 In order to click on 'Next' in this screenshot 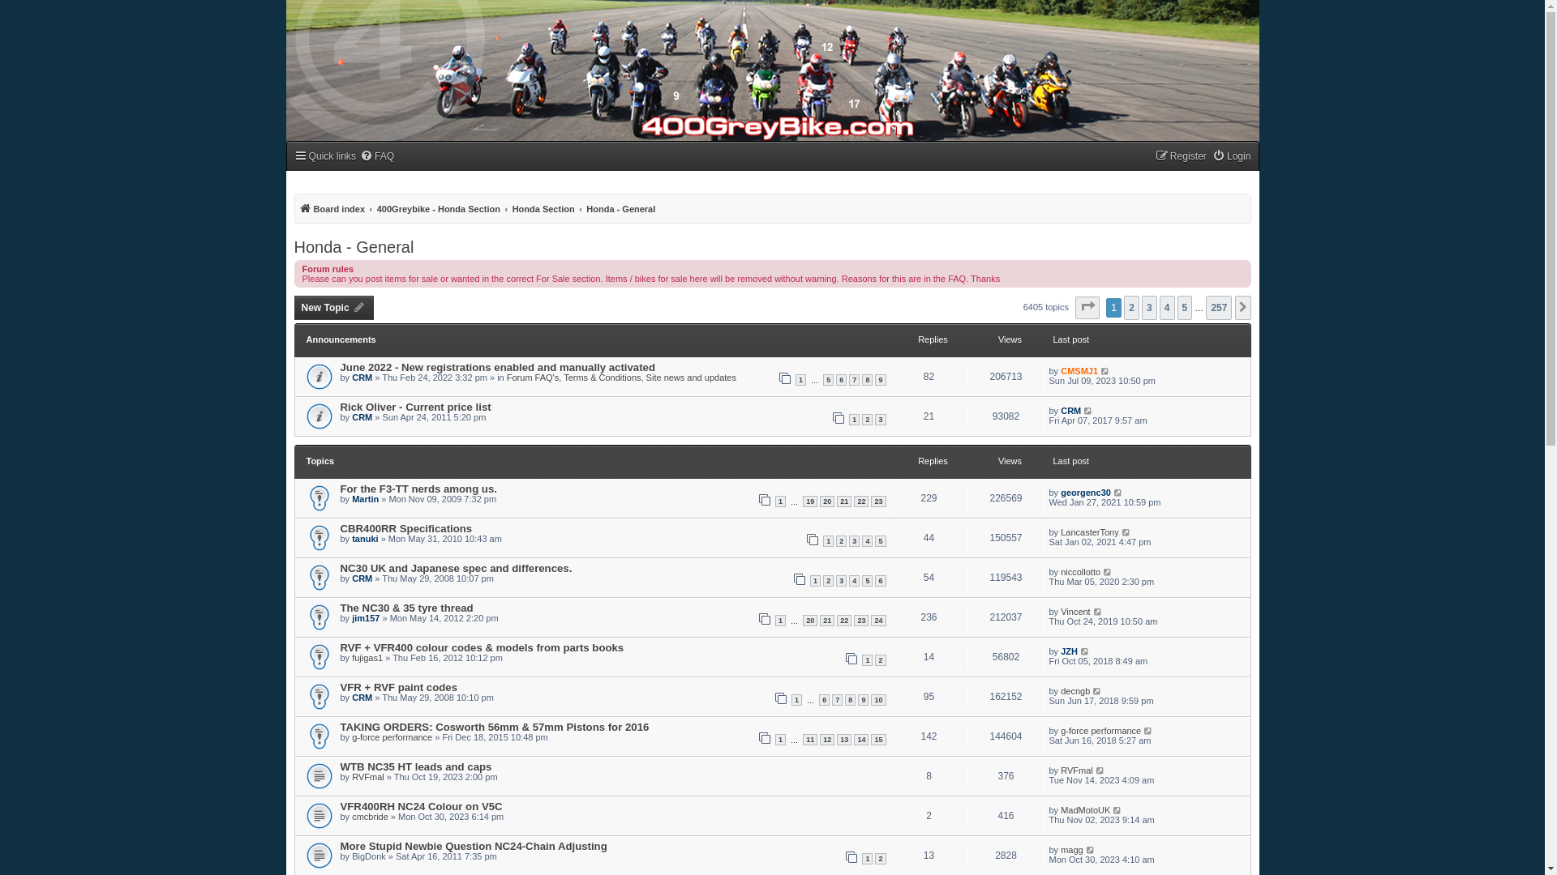, I will do `click(1233, 308)`.